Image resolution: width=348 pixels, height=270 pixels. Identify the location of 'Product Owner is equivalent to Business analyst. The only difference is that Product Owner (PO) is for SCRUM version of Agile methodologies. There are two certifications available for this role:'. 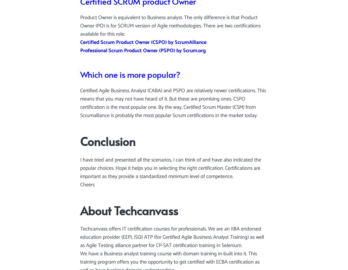
(170, 26).